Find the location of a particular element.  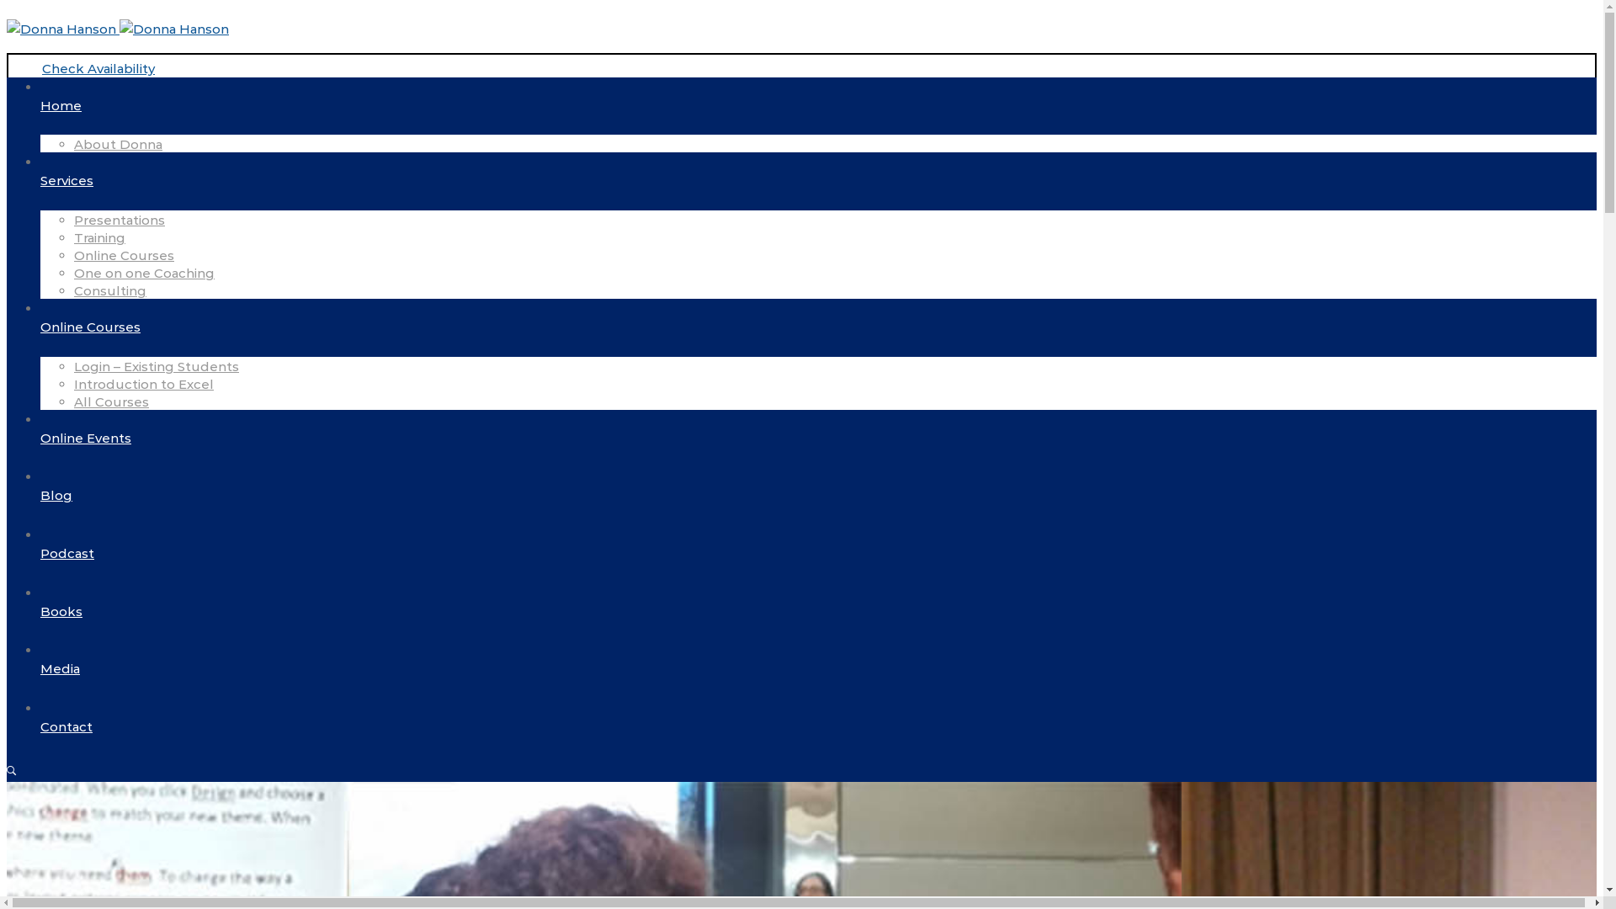

'Books' is located at coordinates (818, 611).